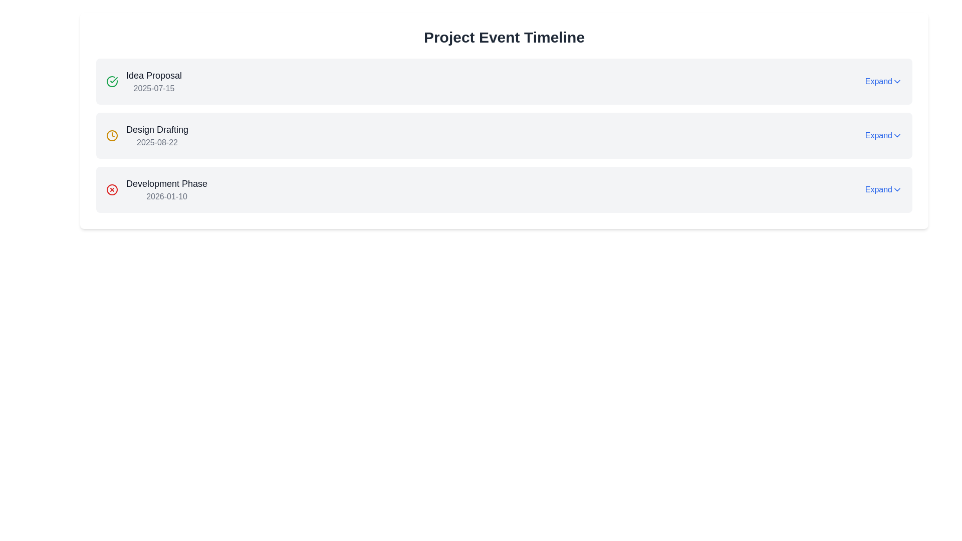  I want to click on the downward pointing chevron arrow icon inside the 'Expand' button on the right side of the 'Development Phase' entry in the 'Project Event Timeline' interface, so click(897, 189).